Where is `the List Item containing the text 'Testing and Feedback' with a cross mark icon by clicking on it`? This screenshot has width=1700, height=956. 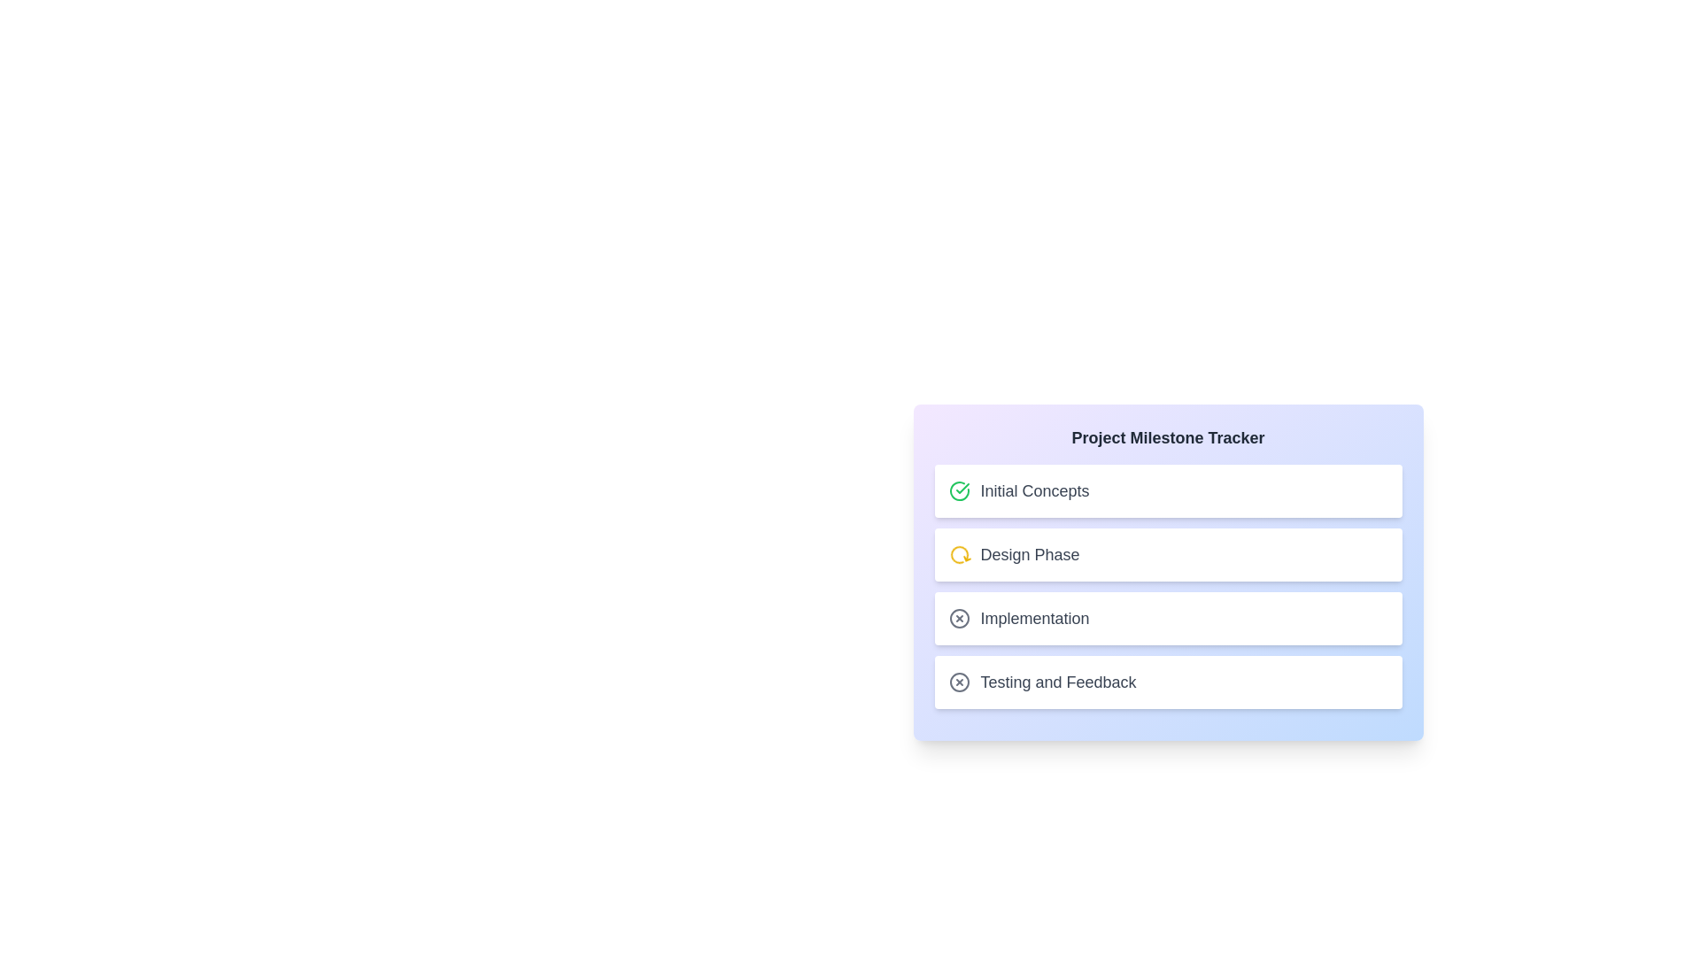
the List Item containing the text 'Testing and Feedback' with a cross mark icon by clicking on it is located at coordinates (1168, 682).